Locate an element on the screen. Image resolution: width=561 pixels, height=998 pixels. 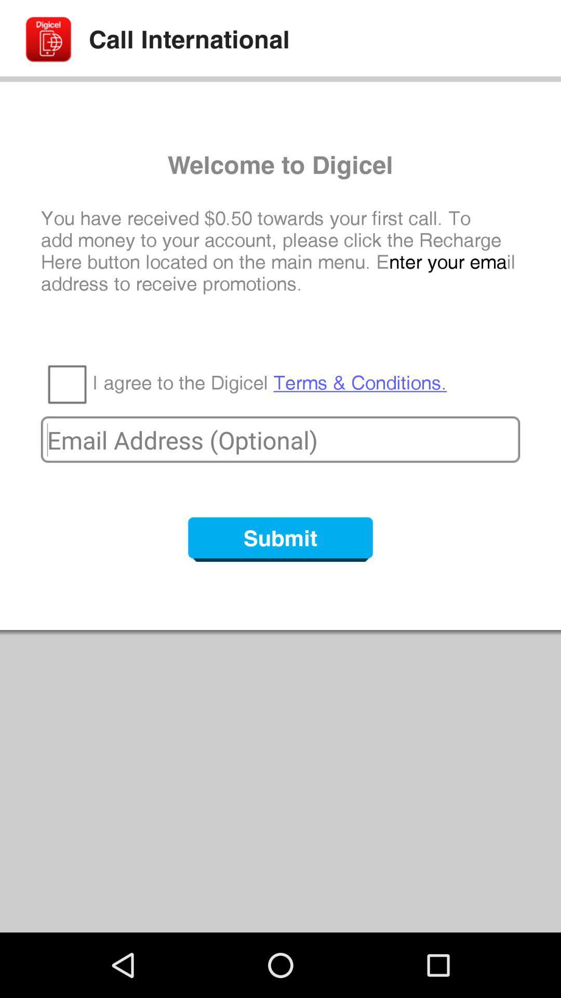
check the box for agreement is located at coordinates (66, 383).